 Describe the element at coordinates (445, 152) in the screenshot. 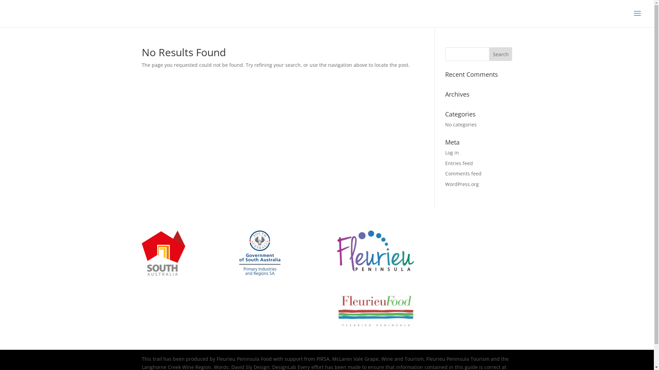

I see `'Log in'` at that location.